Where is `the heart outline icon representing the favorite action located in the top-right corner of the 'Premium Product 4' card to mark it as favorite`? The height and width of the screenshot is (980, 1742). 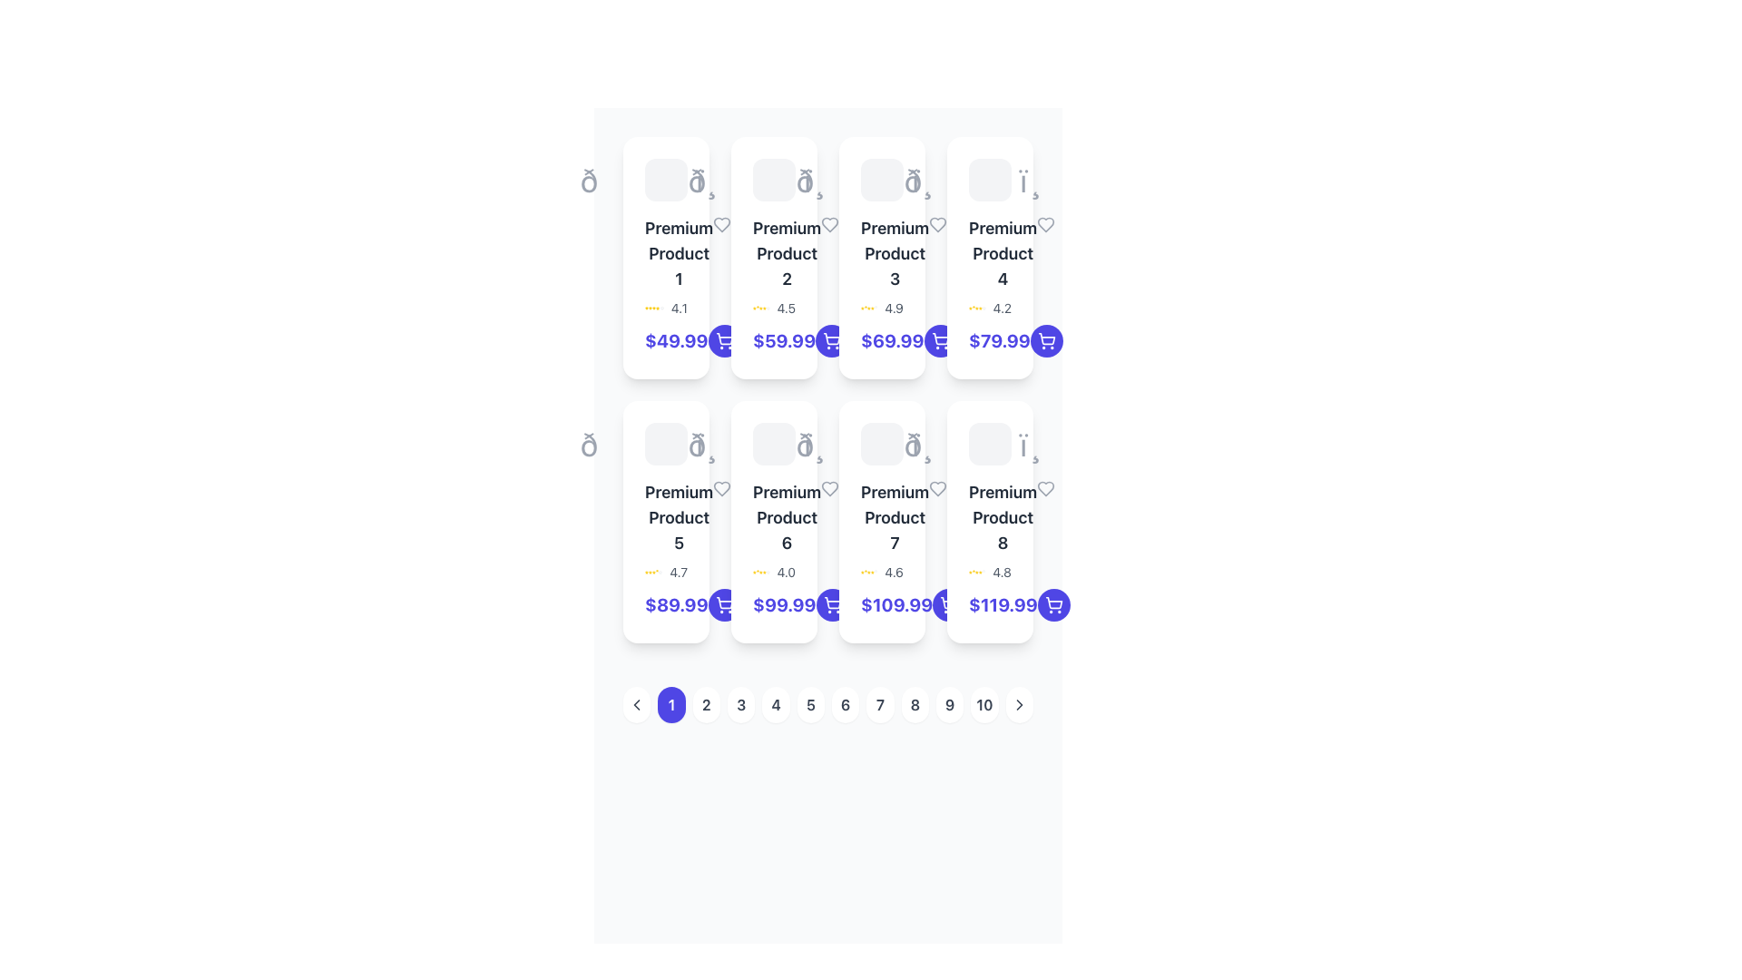
the heart outline icon representing the favorite action located in the top-right corner of the 'Premium Product 4' card to mark it as favorite is located at coordinates (1046, 223).